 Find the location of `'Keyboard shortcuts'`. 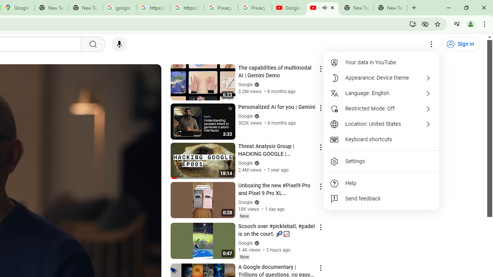

'Keyboard shortcuts' is located at coordinates (381, 139).